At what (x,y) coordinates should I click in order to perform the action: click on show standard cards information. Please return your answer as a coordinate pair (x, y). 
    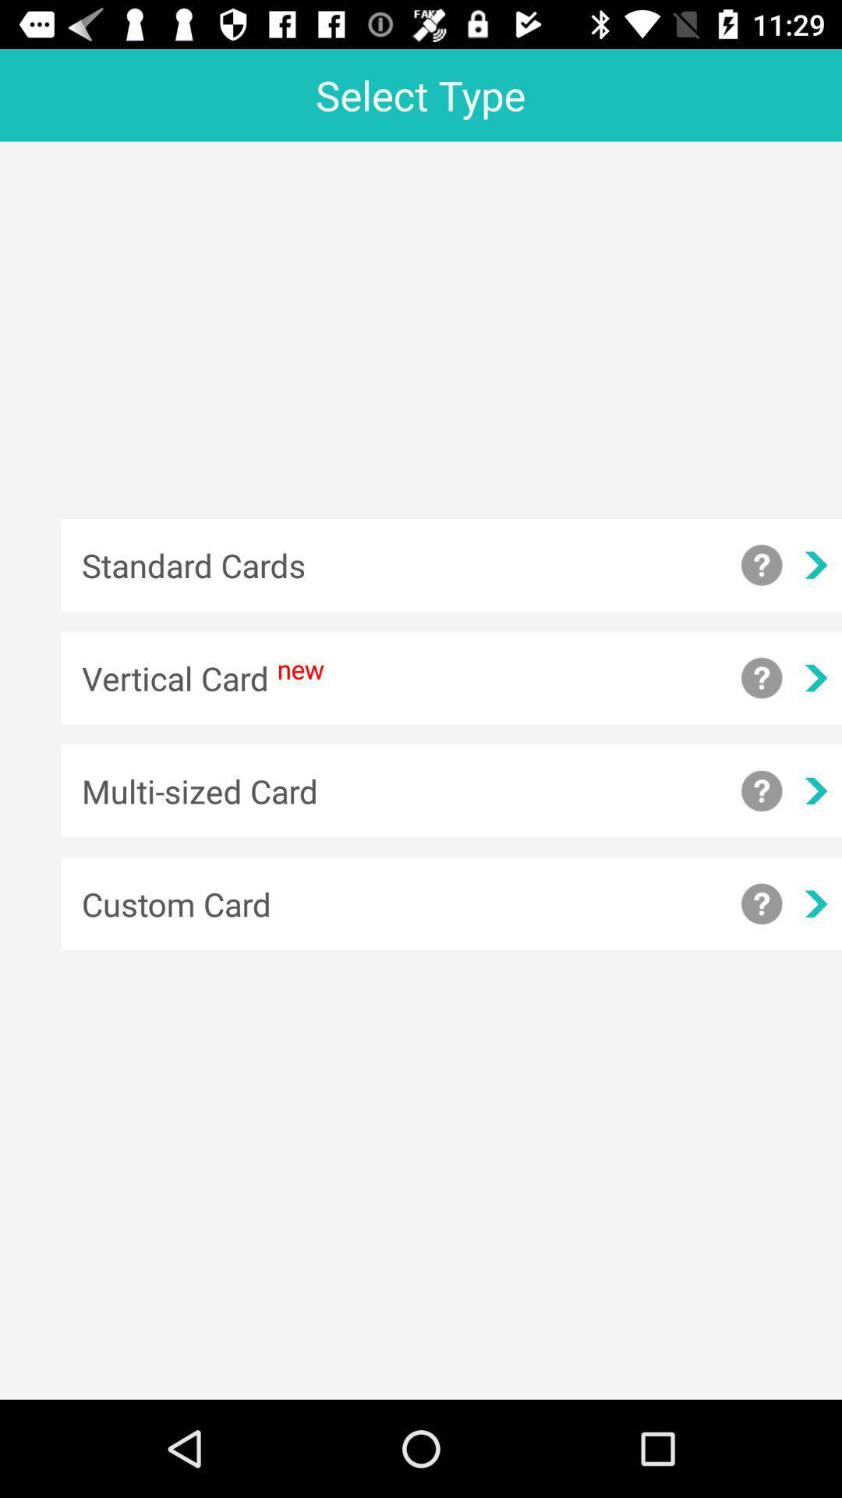
    Looking at the image, I should click on (761, 564).